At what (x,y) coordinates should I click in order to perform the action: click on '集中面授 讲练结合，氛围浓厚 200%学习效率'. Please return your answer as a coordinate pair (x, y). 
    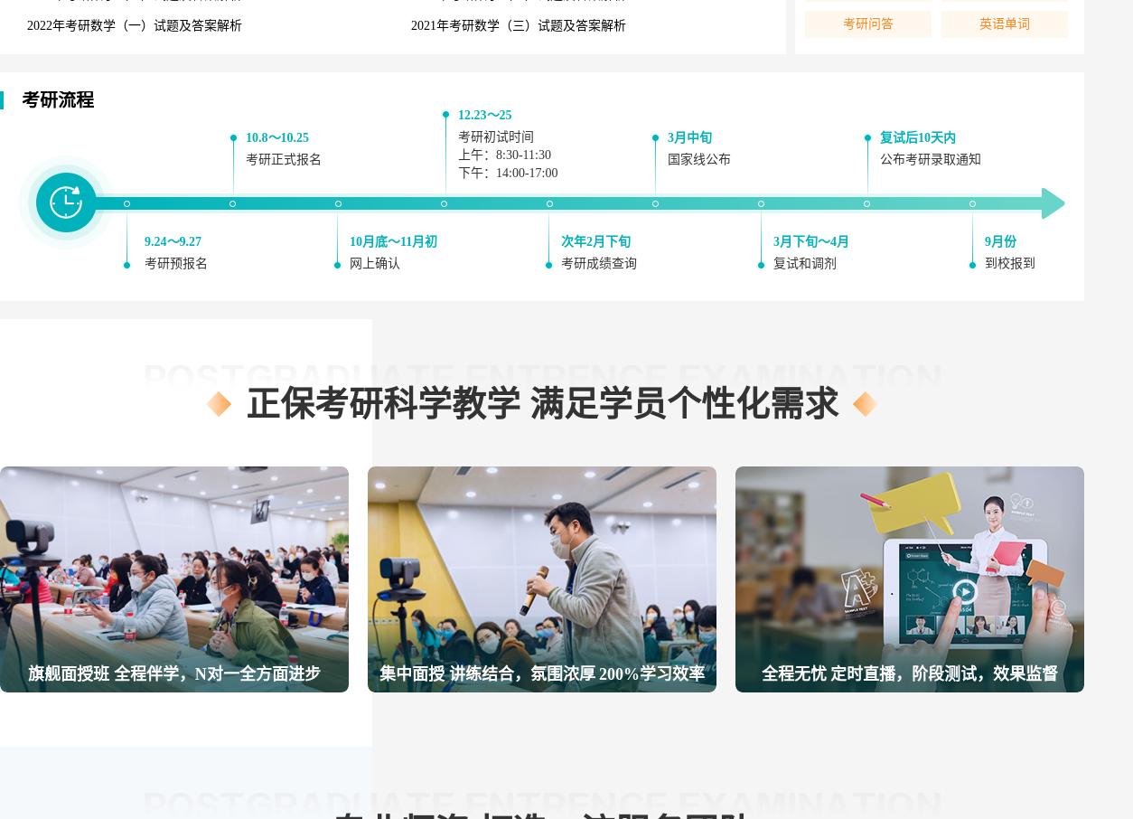
    Looking at the image, I should click on (541, 673).